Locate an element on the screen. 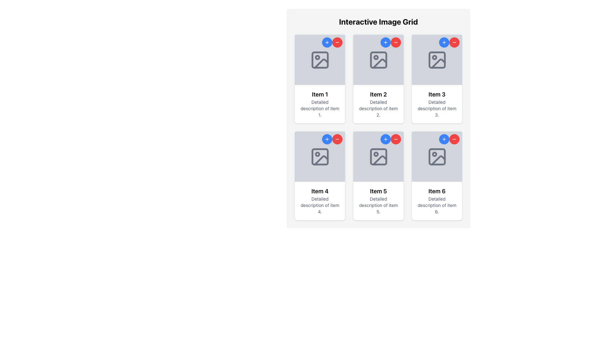  the static text label providing additional descriptive information about 'Item 4', located below the title 'Item 4' in the bottom-left position of the 3x2 grid layout is located at coordinates (320, 205).